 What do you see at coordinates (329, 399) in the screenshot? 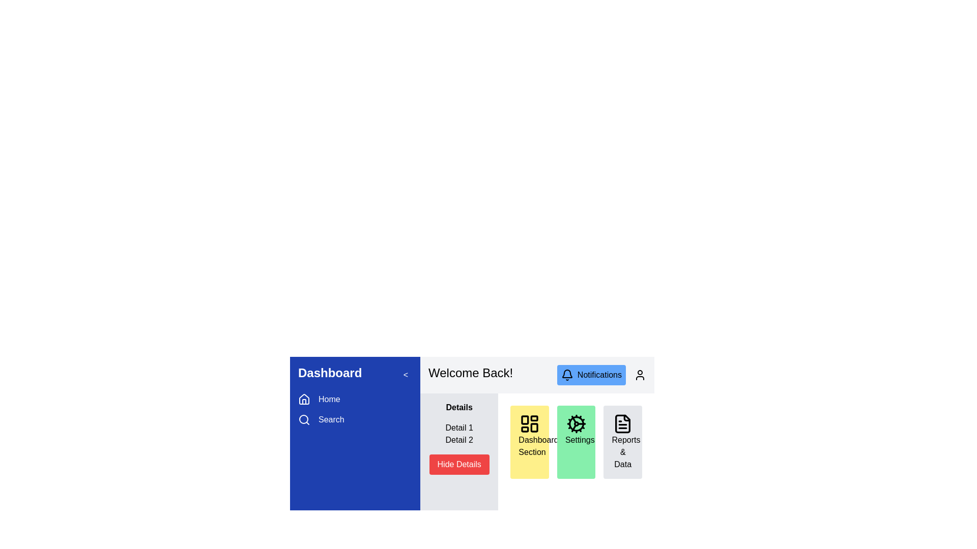
I see `the 'Home' label located on the blue sidebar, positioned to the right of the house-shaped icon and above the 'Search' label` at bounding box center [329, 399].